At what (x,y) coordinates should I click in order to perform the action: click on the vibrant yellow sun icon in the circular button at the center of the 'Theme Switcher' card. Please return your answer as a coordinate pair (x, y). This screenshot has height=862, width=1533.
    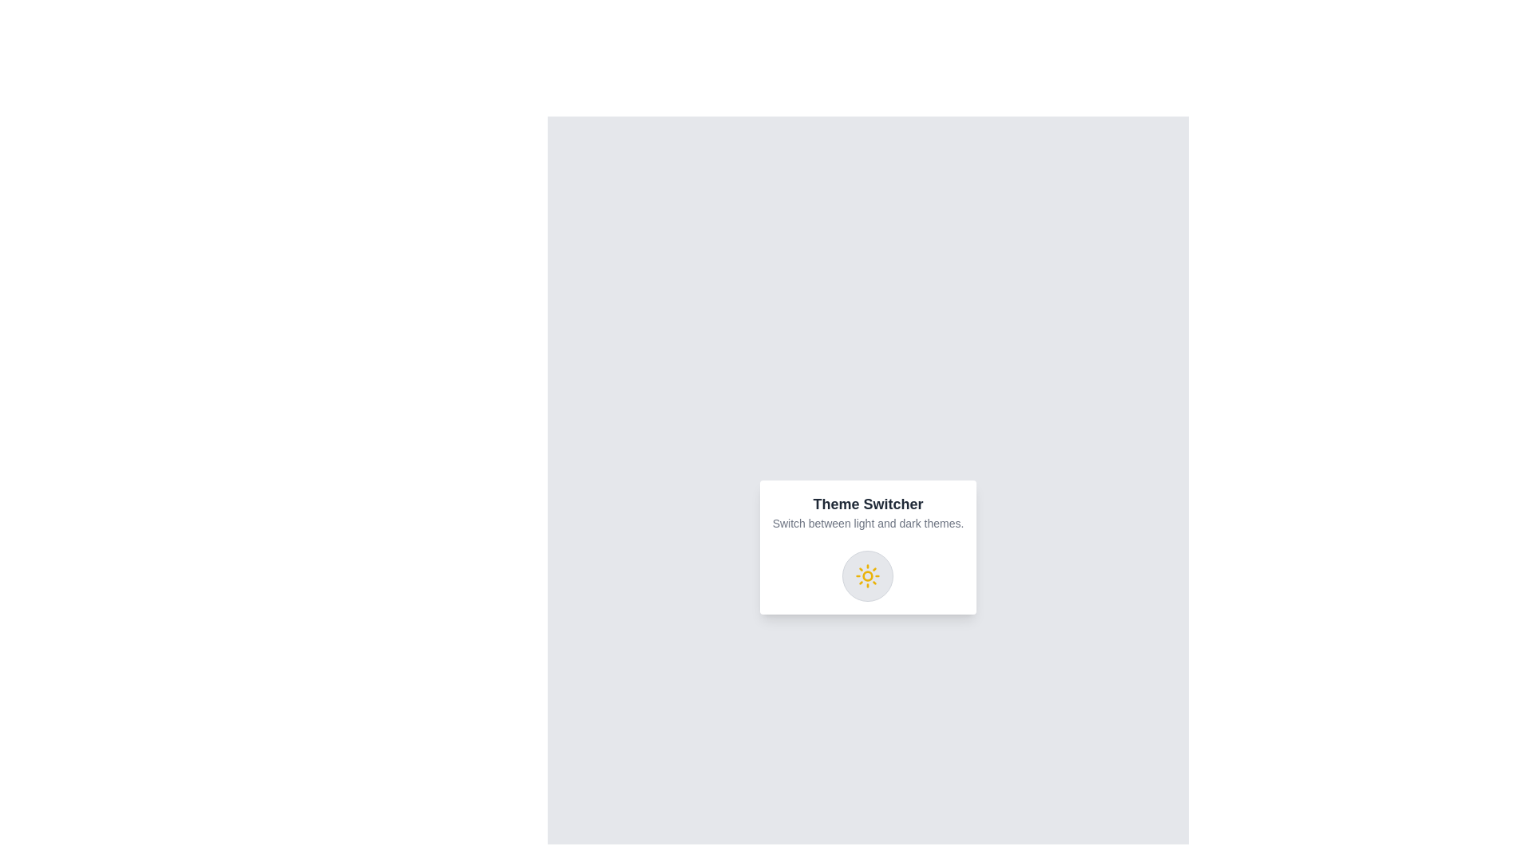
    Looking at the image, I should click on (867, 575).